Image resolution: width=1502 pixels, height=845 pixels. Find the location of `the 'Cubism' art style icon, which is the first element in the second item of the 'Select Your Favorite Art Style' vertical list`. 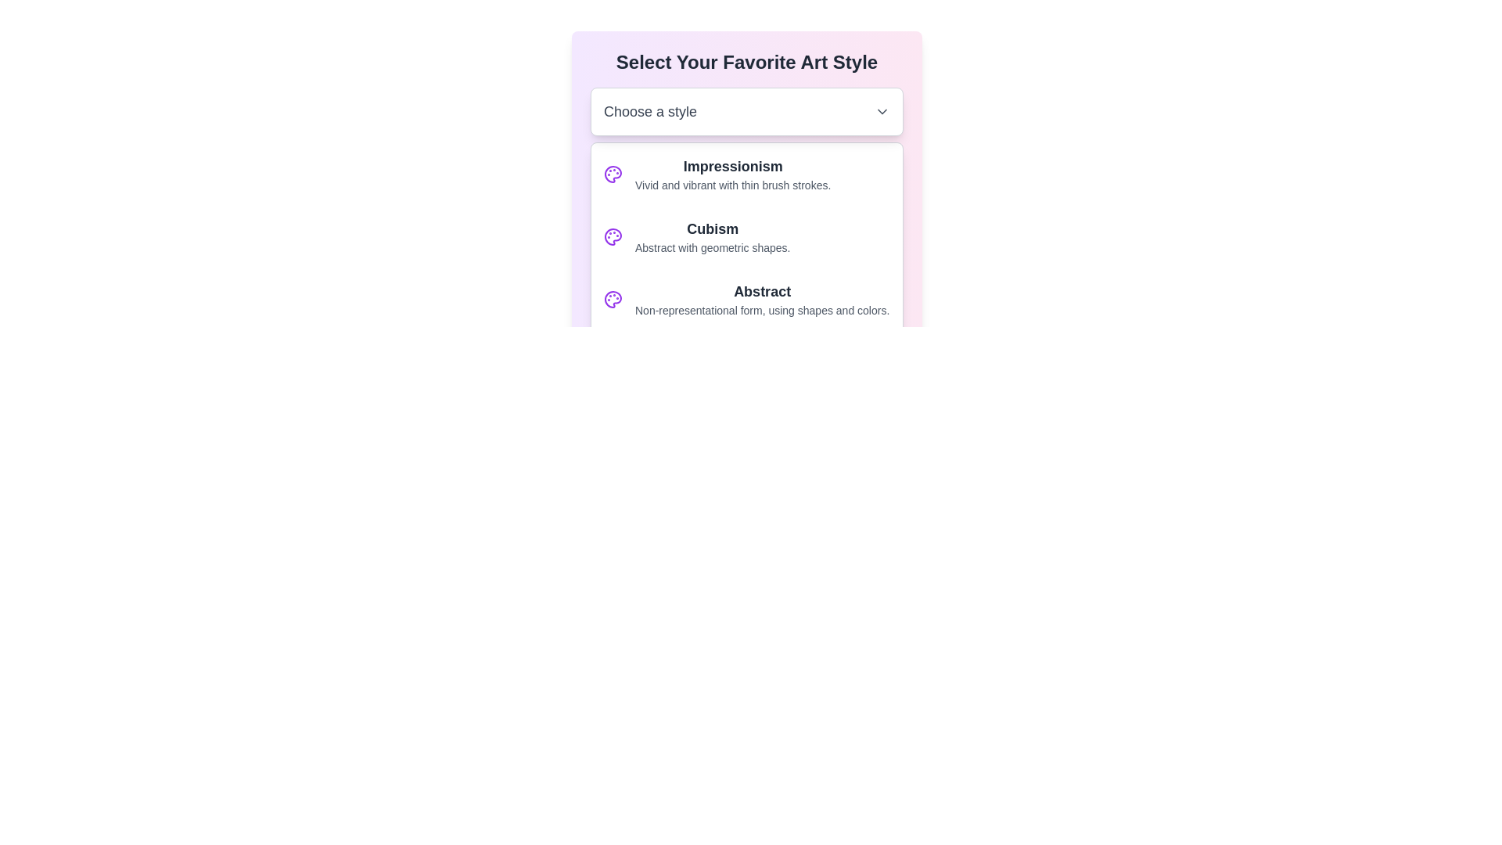

the 'Cubism' art style icon, which is the first element in the second item of the 'Select Your Favorite Art Style' vertical list is located at coordinates (612, 237).